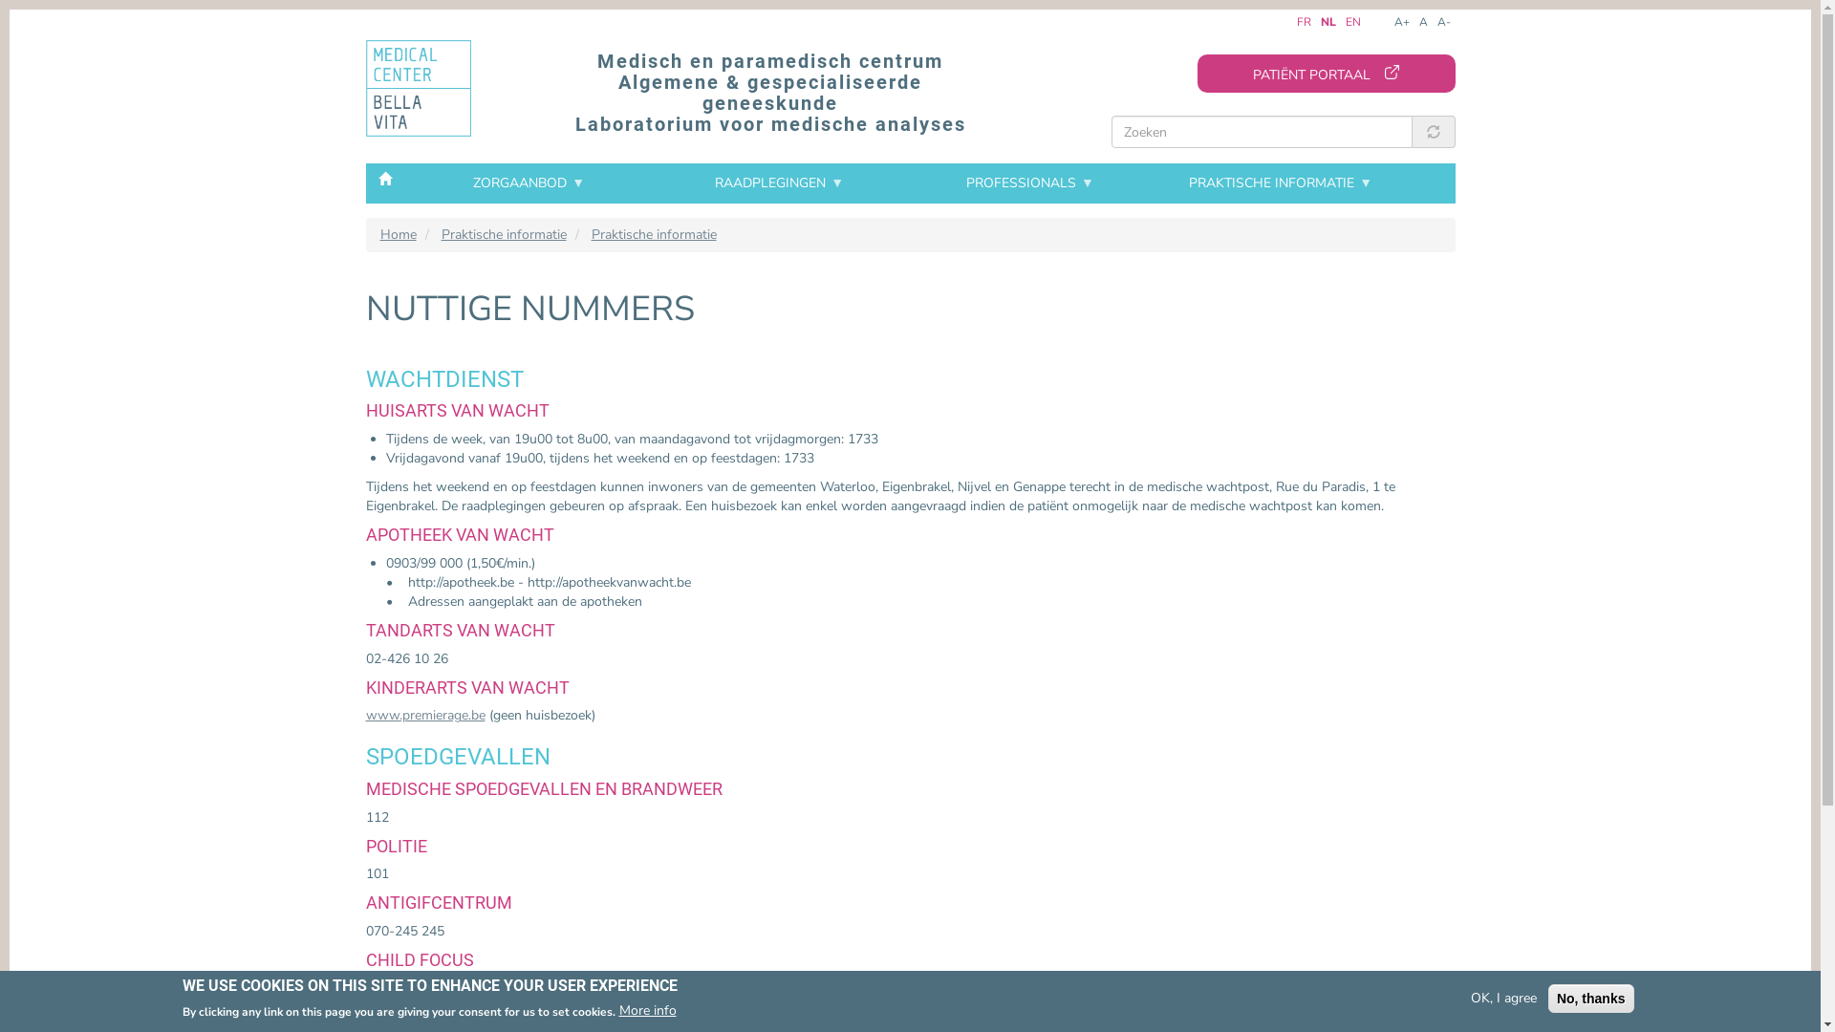  What do you see at coordinates (487, 354) in the screenshot?
I see `'GESPECIALISEERDE GENEESKUNDE'` at bounding box center [487, 354].